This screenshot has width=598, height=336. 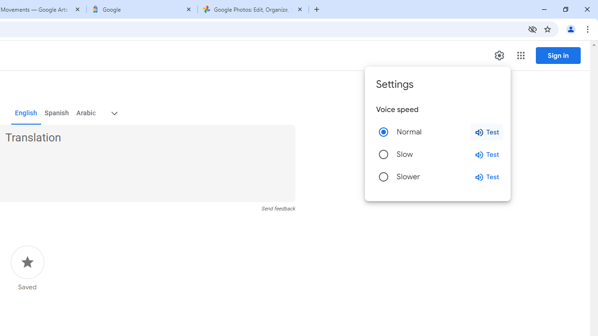 I want to click on 'Test slow speed', so click(x=486, y=154).